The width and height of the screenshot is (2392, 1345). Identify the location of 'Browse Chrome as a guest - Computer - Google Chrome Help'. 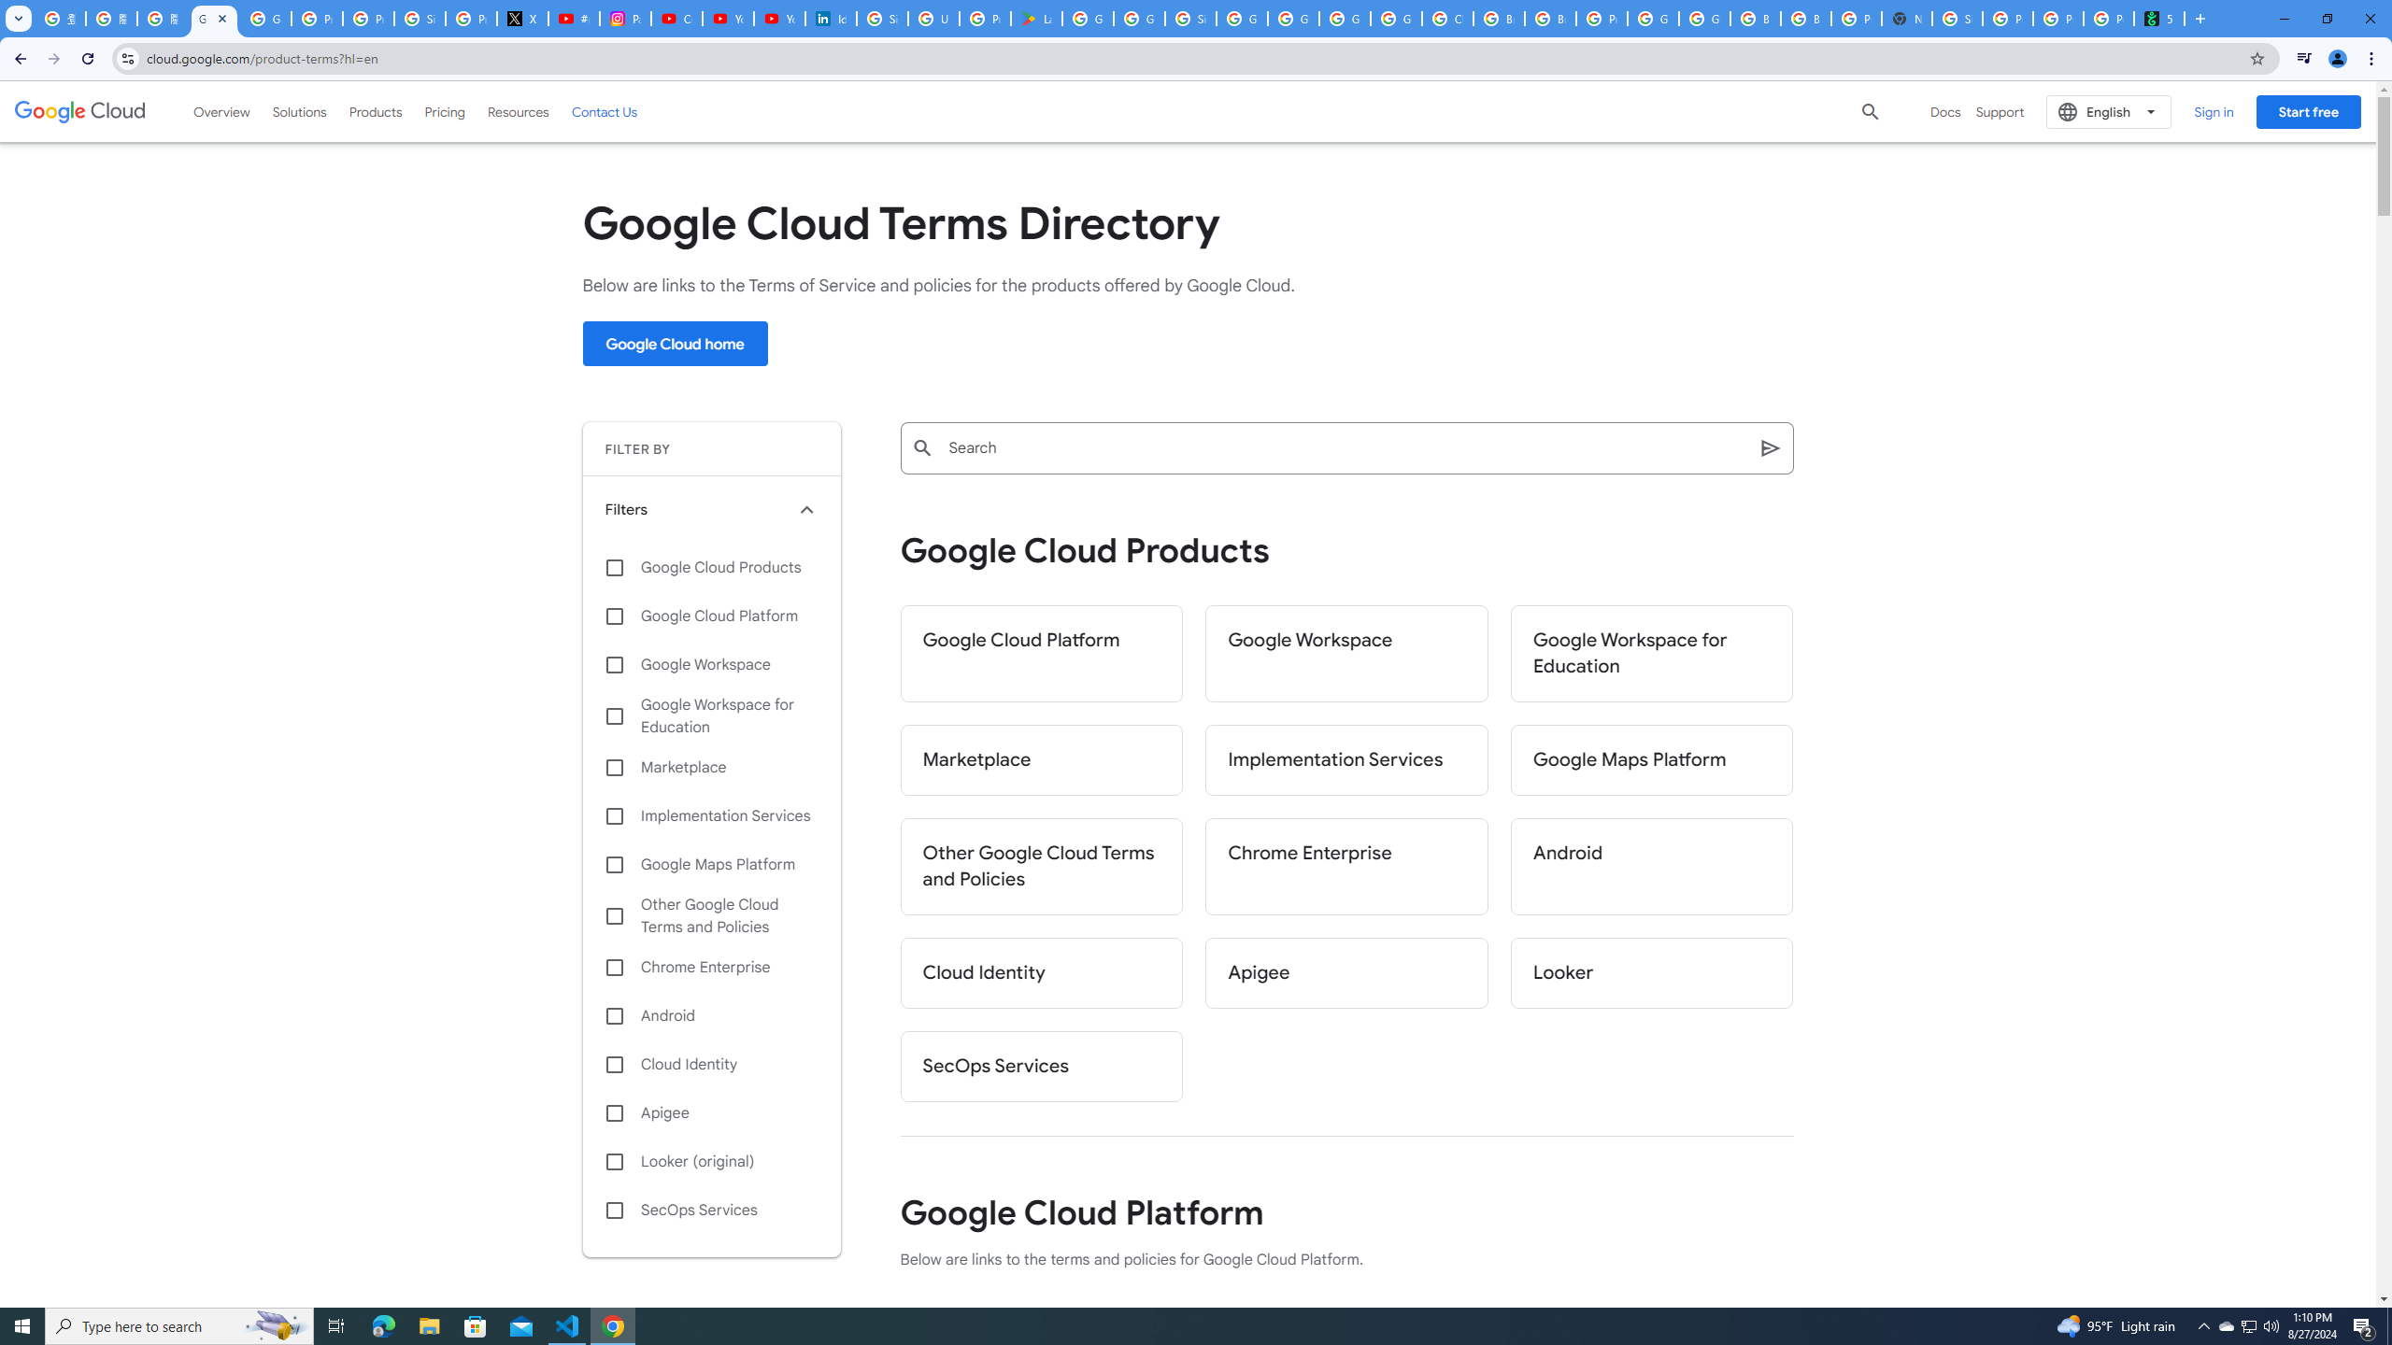
(1497, 18).